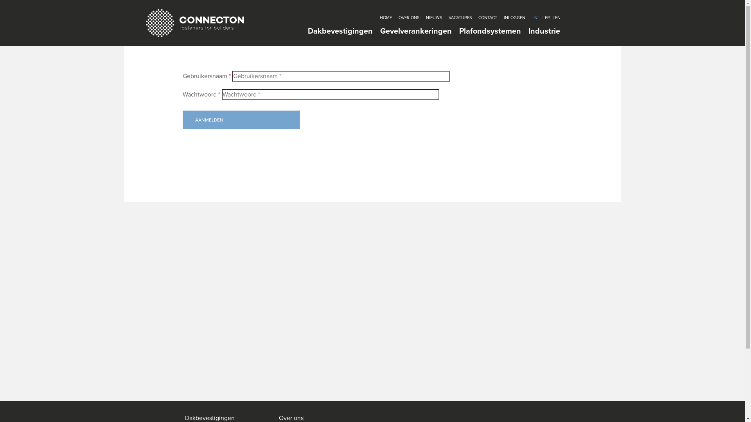 The height and width of the screenshot is (422, 751). Describe the element at coordinates (514, 18) in the screenshot. I see `'INLOGGEN'` at that location.